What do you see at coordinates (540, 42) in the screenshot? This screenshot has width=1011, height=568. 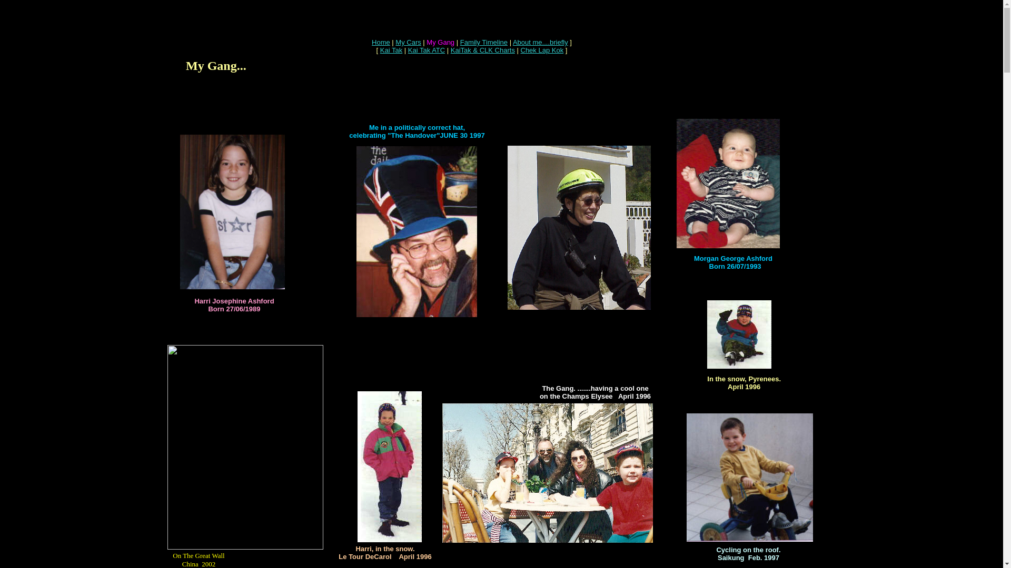 I see `'About me....briefly'` at bounding box center [540, 42].